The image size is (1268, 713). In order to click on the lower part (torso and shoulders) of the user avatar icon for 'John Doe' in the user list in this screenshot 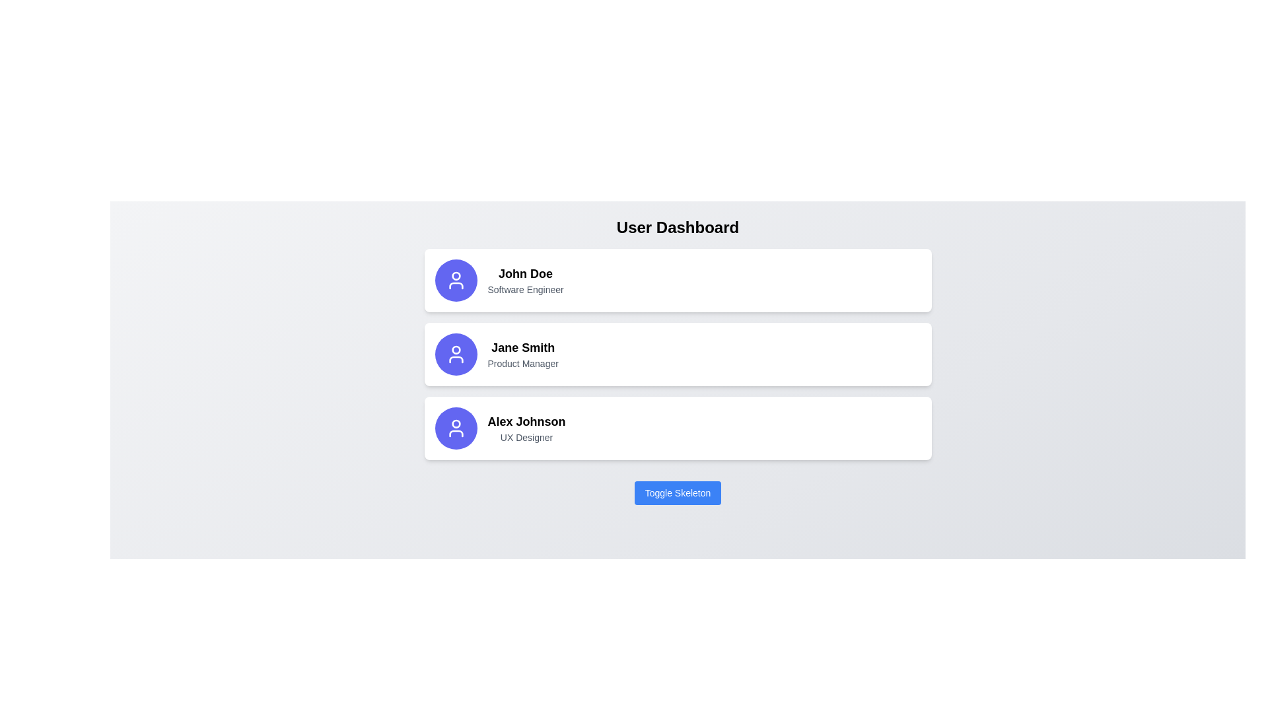, I will do `click(456, 285)`.